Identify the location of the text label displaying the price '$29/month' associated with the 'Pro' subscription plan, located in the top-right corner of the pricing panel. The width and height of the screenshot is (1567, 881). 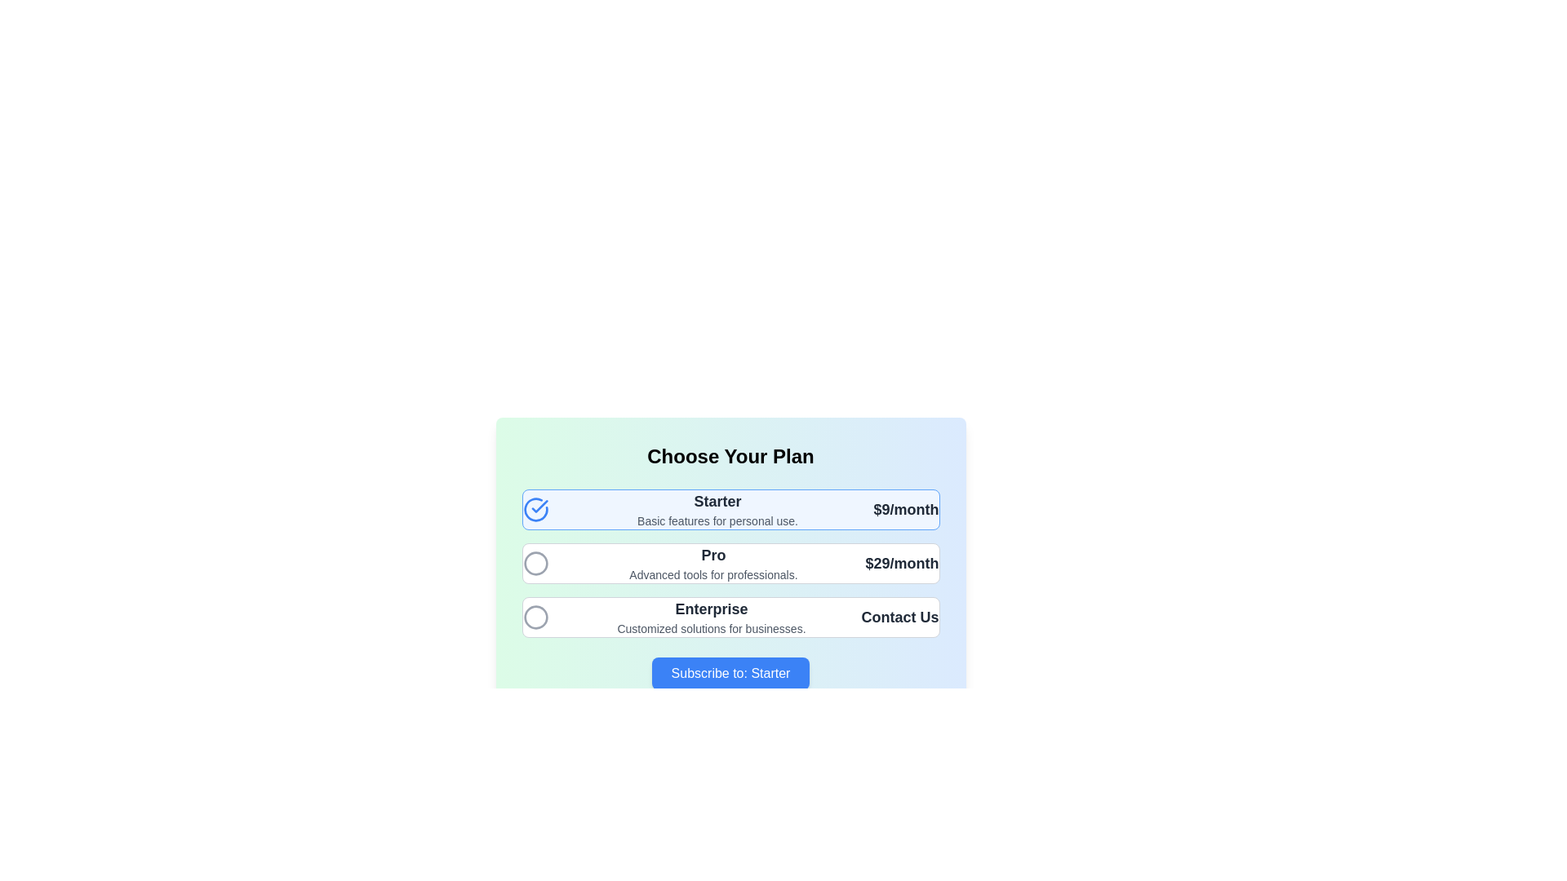
(901, 562).